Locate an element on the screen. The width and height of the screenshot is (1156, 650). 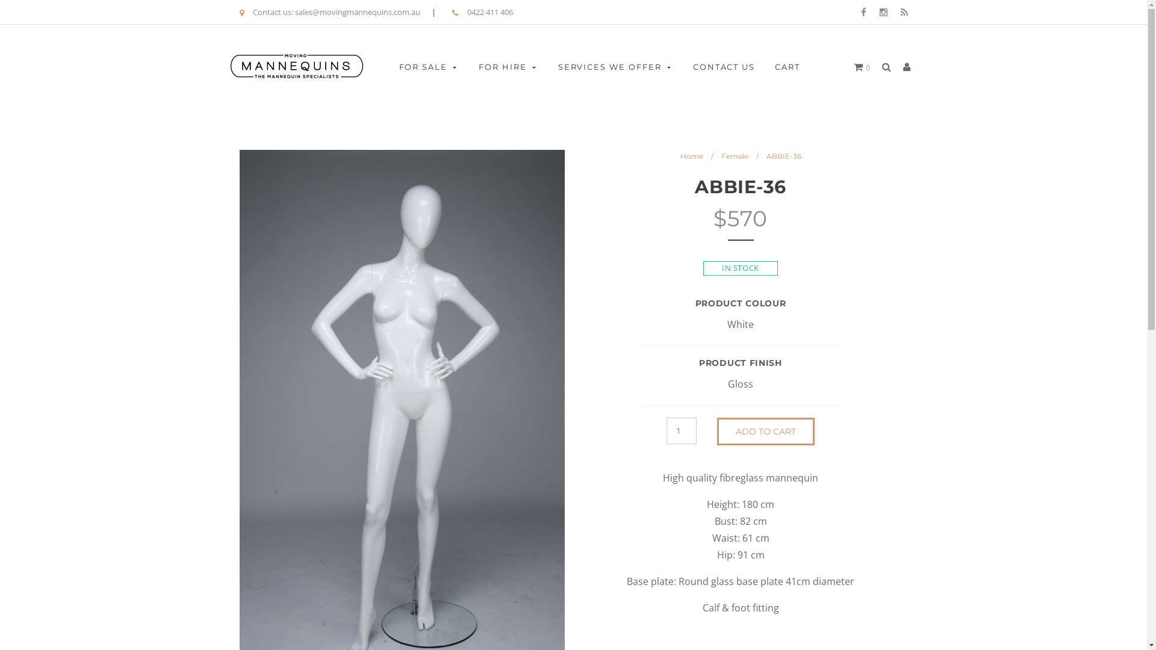
'FOR SALE' is located at coordinates (428, 67).